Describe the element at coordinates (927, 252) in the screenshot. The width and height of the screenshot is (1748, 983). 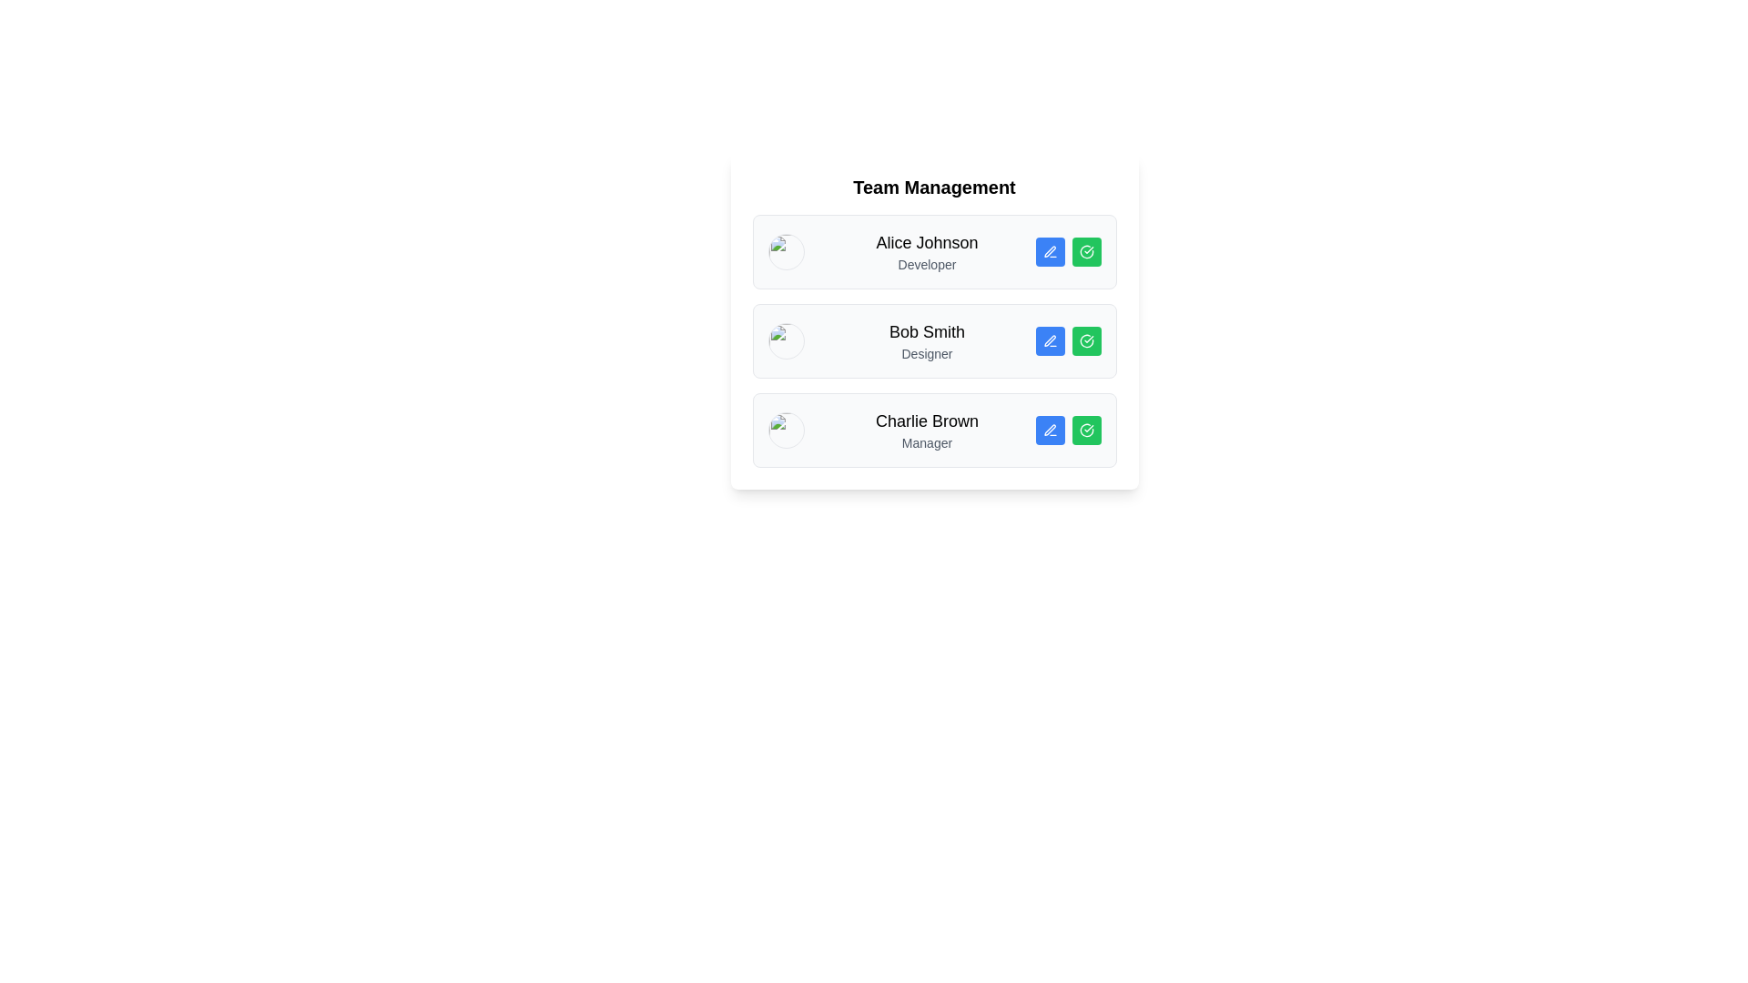
I see `informational text block displaying the name 'Alice Johnson' and role 'Developer', which is located in the first row of the team members list` at that location.